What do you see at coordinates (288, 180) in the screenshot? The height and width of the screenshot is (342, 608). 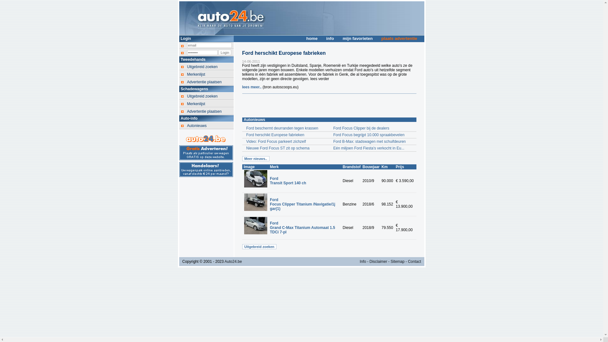 I see `'Ford` at bounding box center [288, 180].